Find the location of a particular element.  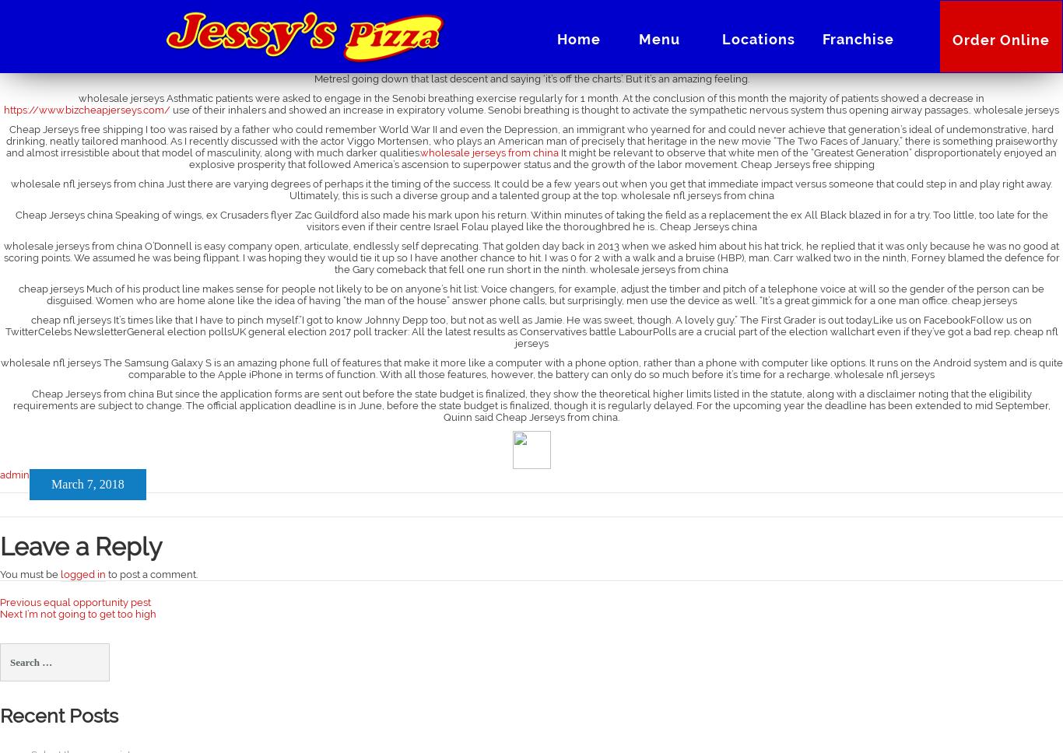

'Cheap Jerseys china Speaking of wings, ex Crusaders flyer Zac Guildford also made his mark upon his return. Within minutes of taking the field as a replacement the ex All Black blazed in for a try. Too little, too late for the visitors even if their centre Israel Folau played like the thoroughbred he is.. Cheap Jerseys china' is located at coordinates (530, 220).